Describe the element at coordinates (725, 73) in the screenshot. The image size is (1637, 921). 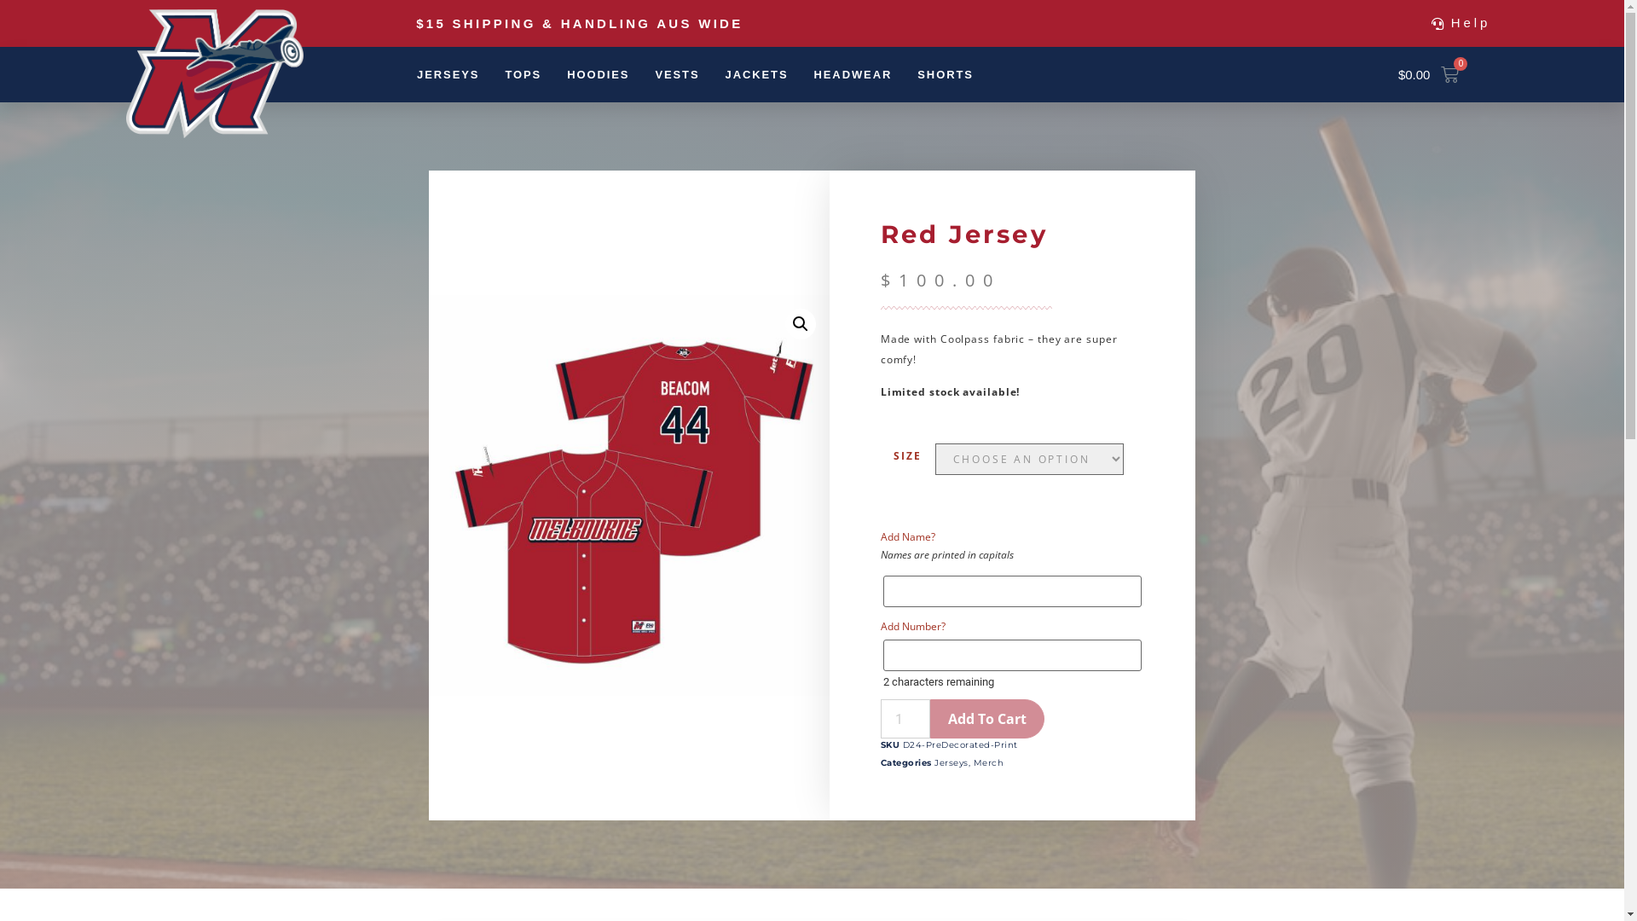
I see `'JACKETS'` at that location.